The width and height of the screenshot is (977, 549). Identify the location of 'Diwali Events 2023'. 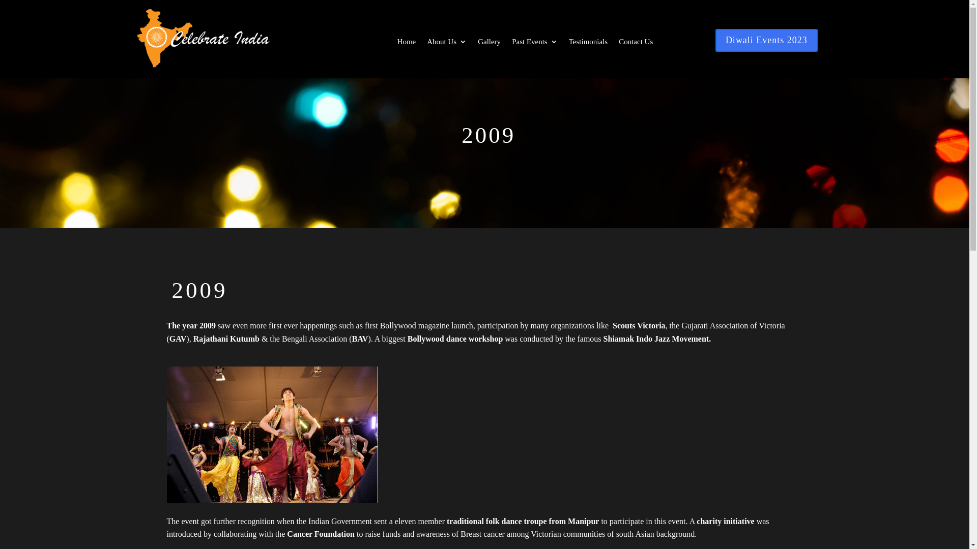
(766, 40).